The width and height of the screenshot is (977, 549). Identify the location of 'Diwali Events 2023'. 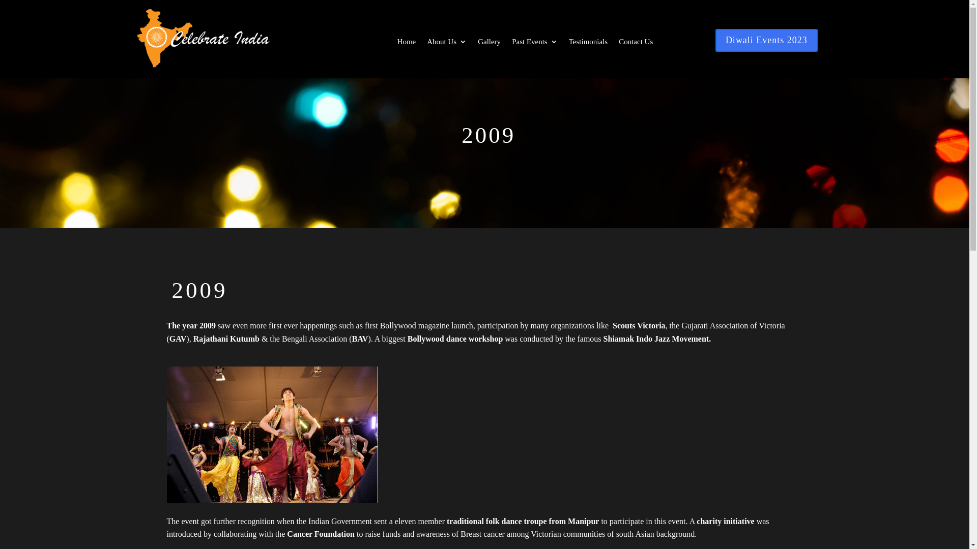
(766, 40).